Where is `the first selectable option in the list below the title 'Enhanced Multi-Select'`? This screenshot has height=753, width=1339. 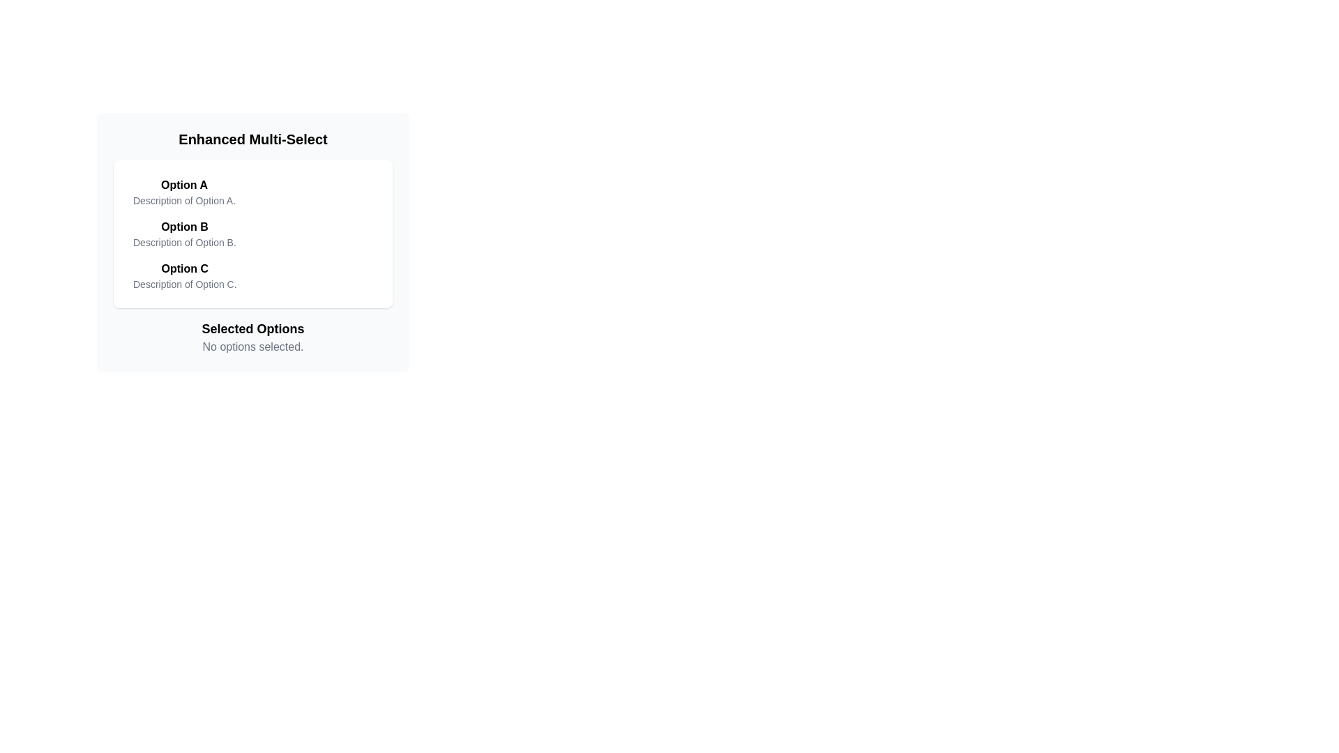 the first selectable option in the list below the title 'Enhanced Multi-Select' is located at coordinates (183, 192).